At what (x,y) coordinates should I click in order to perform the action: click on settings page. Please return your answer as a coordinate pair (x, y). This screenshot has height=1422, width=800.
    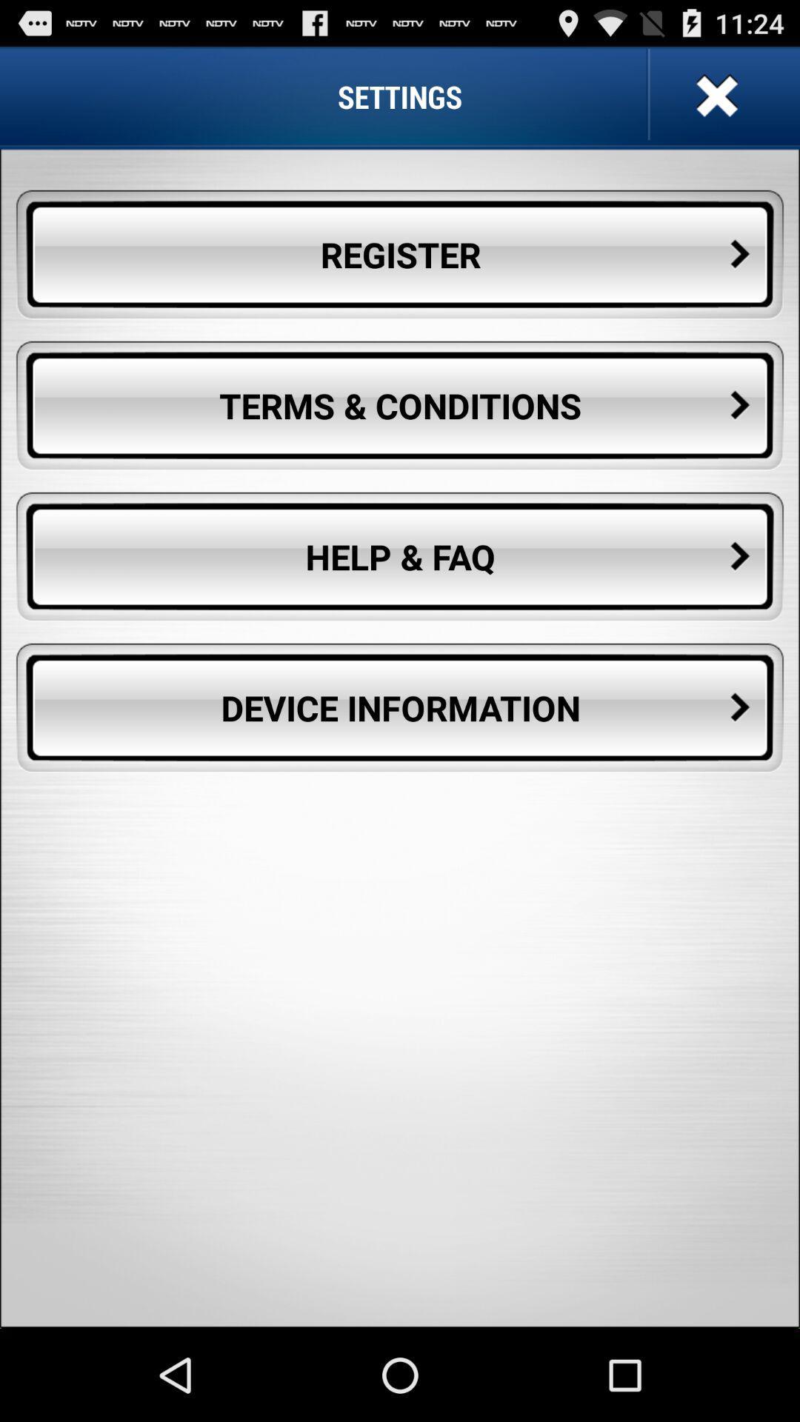
    Looking at the image, I should click on (714, 96).